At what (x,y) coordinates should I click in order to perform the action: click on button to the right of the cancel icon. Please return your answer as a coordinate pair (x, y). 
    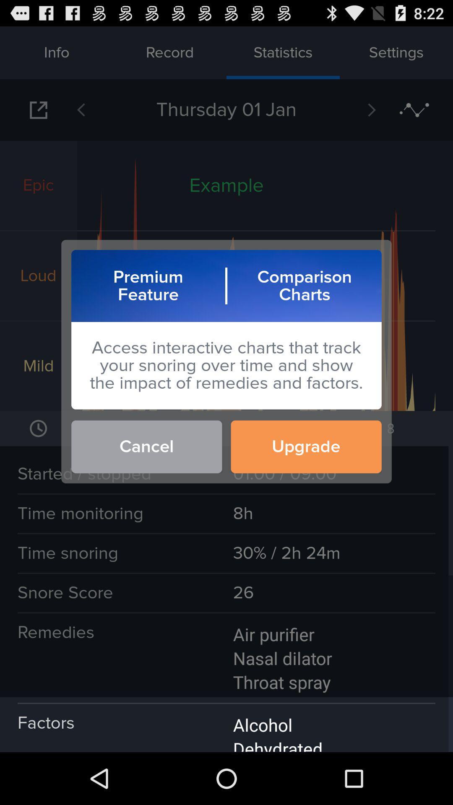
    Looking at the image, I should click on (306, 446).